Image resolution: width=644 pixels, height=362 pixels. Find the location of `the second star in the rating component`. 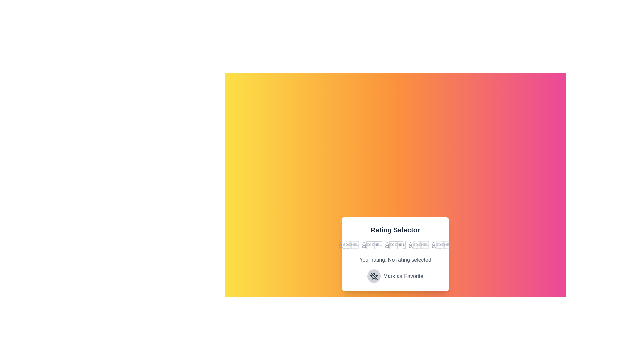

the second star in the rating component is located at coordinates (372, 245).